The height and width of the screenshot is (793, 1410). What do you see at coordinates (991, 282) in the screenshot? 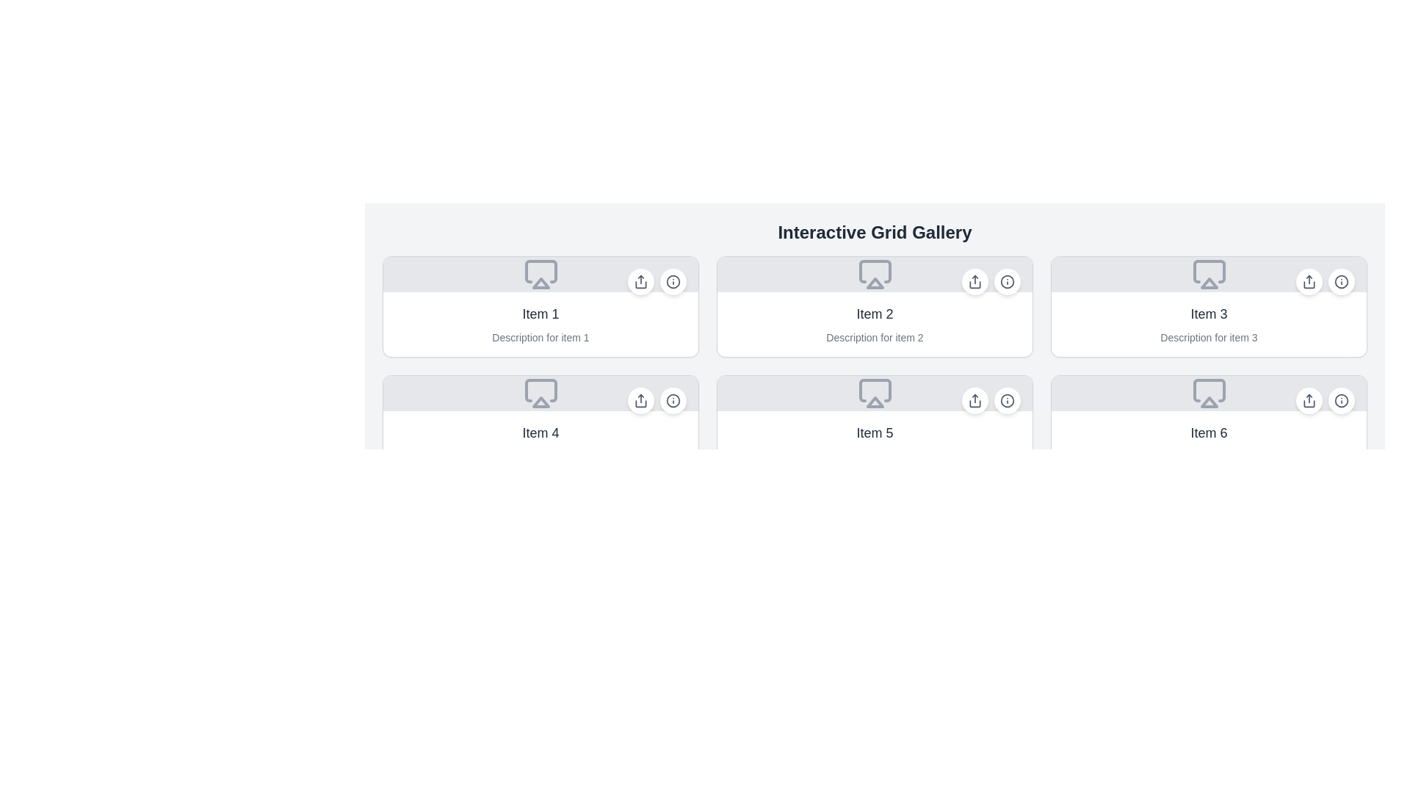
I see `the clickable informational icon button located in the upper-right corner of the section for 'Item 2'` at bounding box center [991, 282].